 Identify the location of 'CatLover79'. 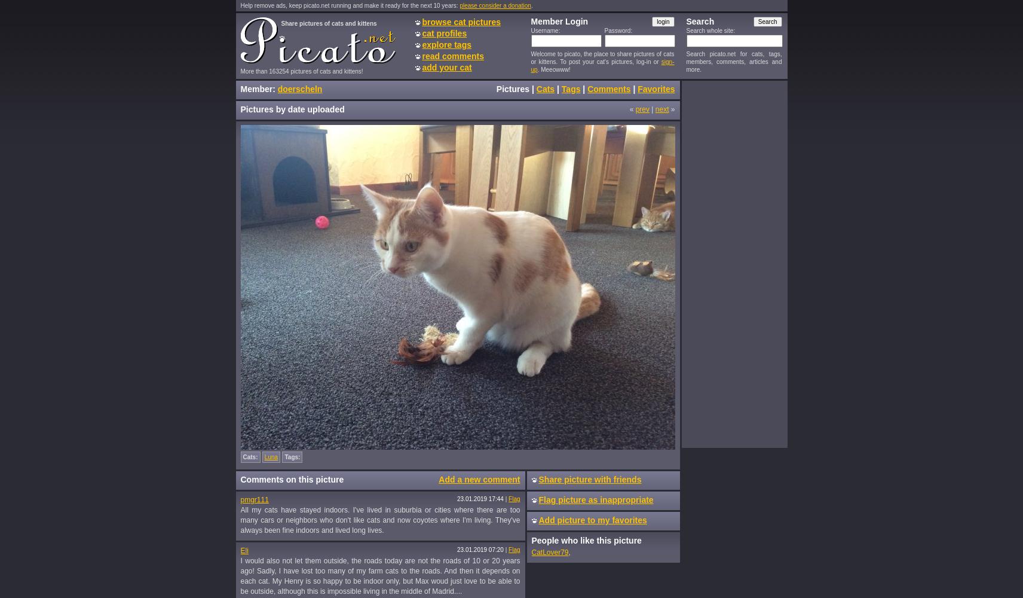
(549, 553).